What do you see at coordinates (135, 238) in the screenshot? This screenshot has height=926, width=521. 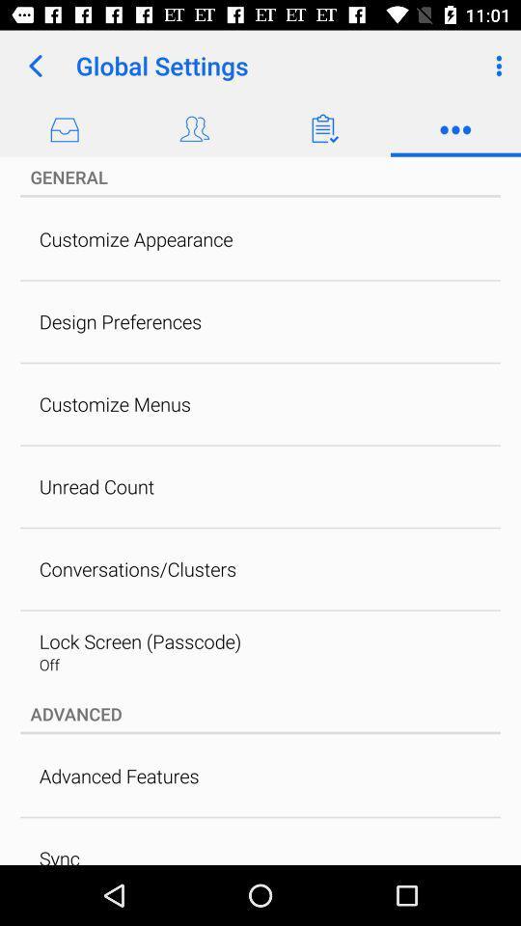 I see `item below general icon` at bounding box center [135, 238].